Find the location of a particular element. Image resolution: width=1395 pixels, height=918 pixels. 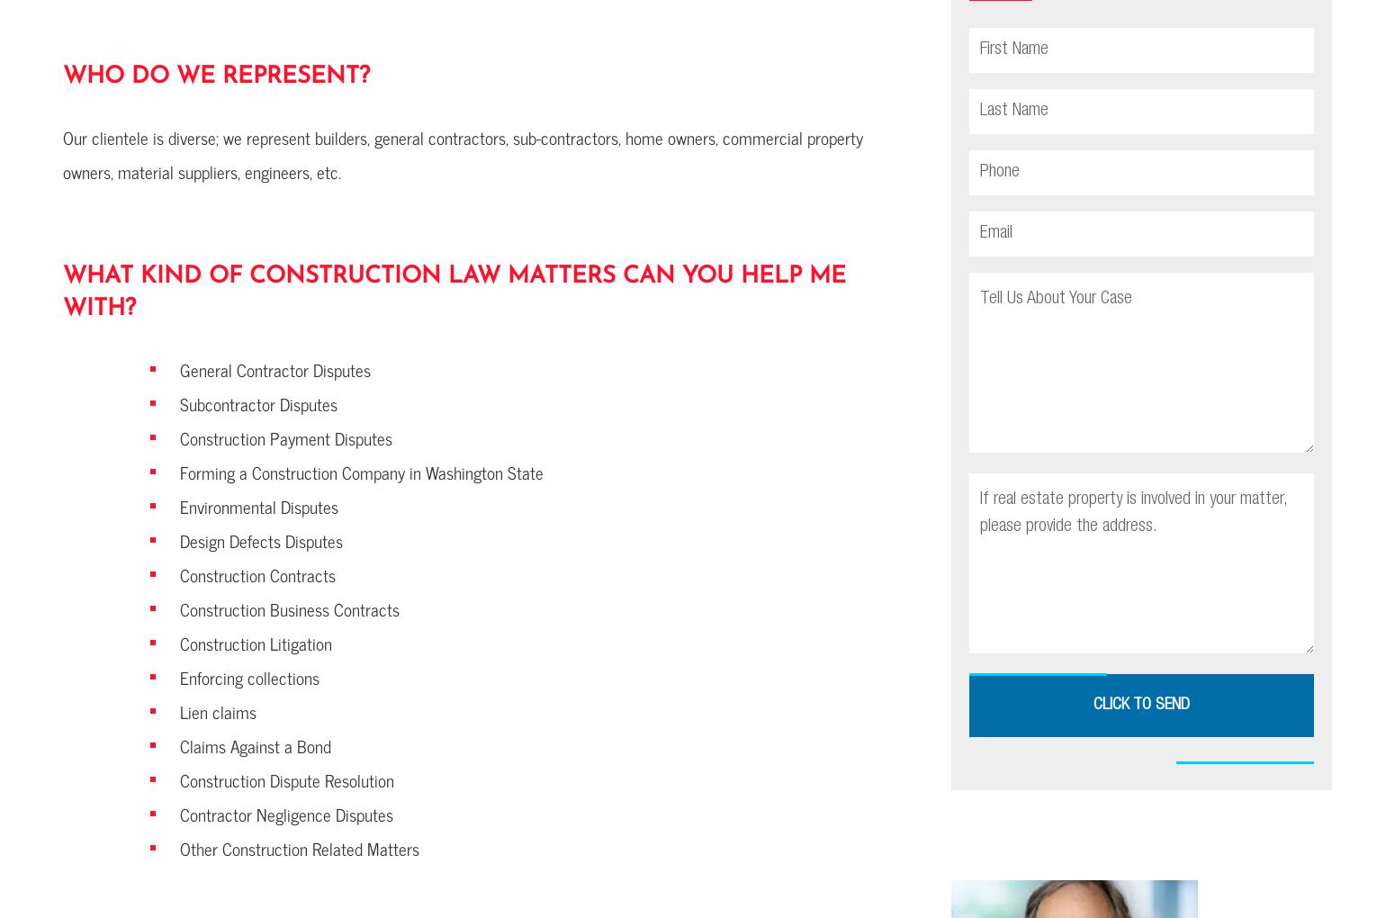

'Construction Payment Disputes' is located at coordinates (285, 437).